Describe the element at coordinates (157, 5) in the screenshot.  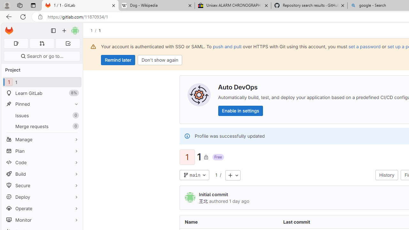
I see `'Dog - Wikipedia'` at that location.